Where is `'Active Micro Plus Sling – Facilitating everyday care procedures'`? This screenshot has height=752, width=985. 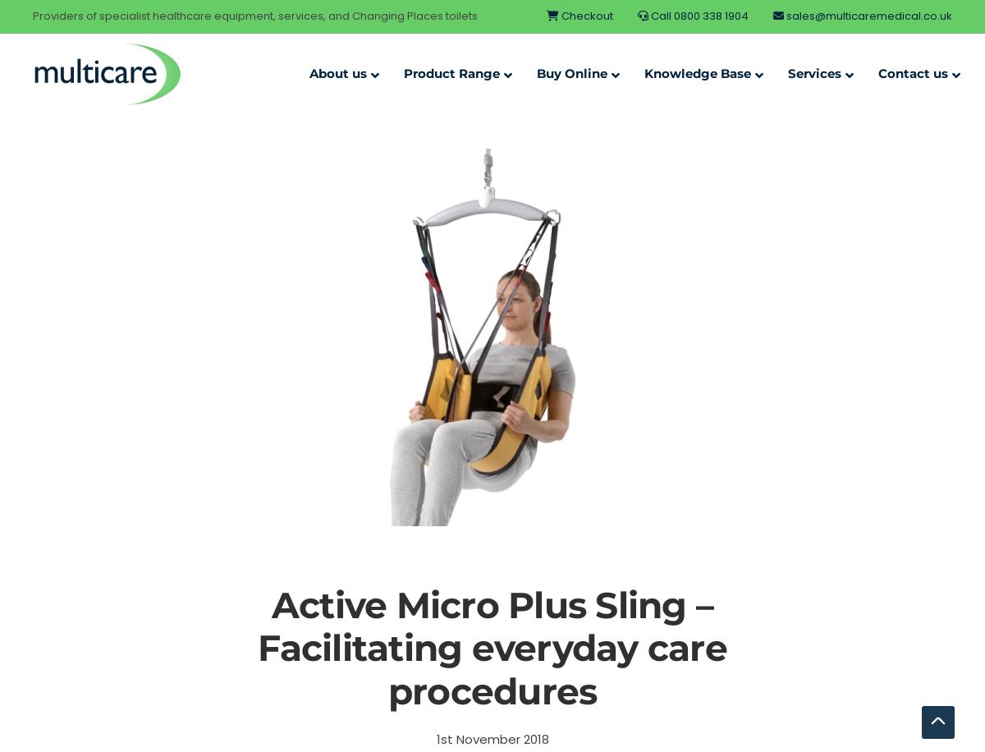 'Active Micro Plus Sling – Facilitating everyday care procedures' is located at coordinates (491, 647).